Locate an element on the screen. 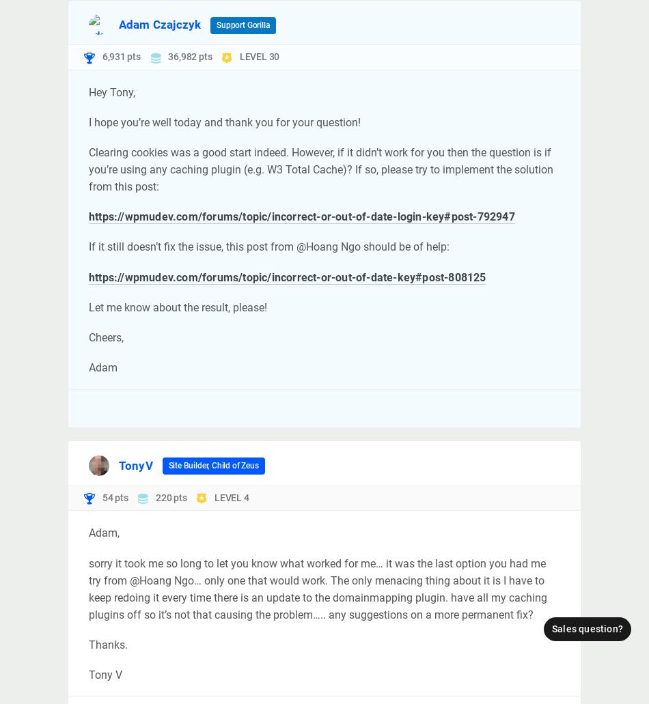 This screenshot has width=649, height=704. 'Support Gorilla' is located at coordinates (216, 24).